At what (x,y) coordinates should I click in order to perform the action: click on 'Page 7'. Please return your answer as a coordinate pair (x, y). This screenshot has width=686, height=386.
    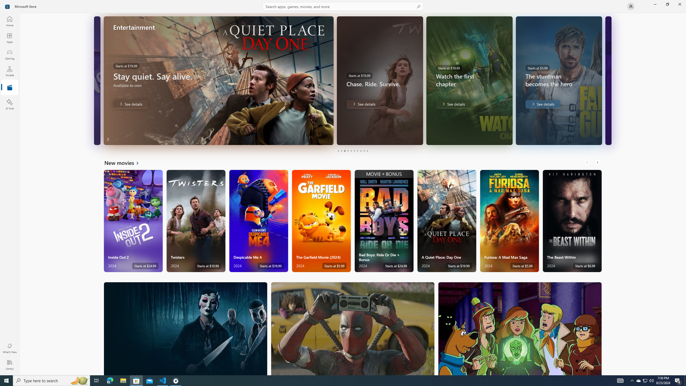
    Looking at the image, I should click on (357, 151).